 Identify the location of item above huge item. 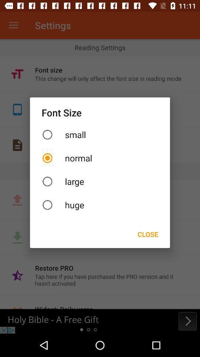
(100, 181).